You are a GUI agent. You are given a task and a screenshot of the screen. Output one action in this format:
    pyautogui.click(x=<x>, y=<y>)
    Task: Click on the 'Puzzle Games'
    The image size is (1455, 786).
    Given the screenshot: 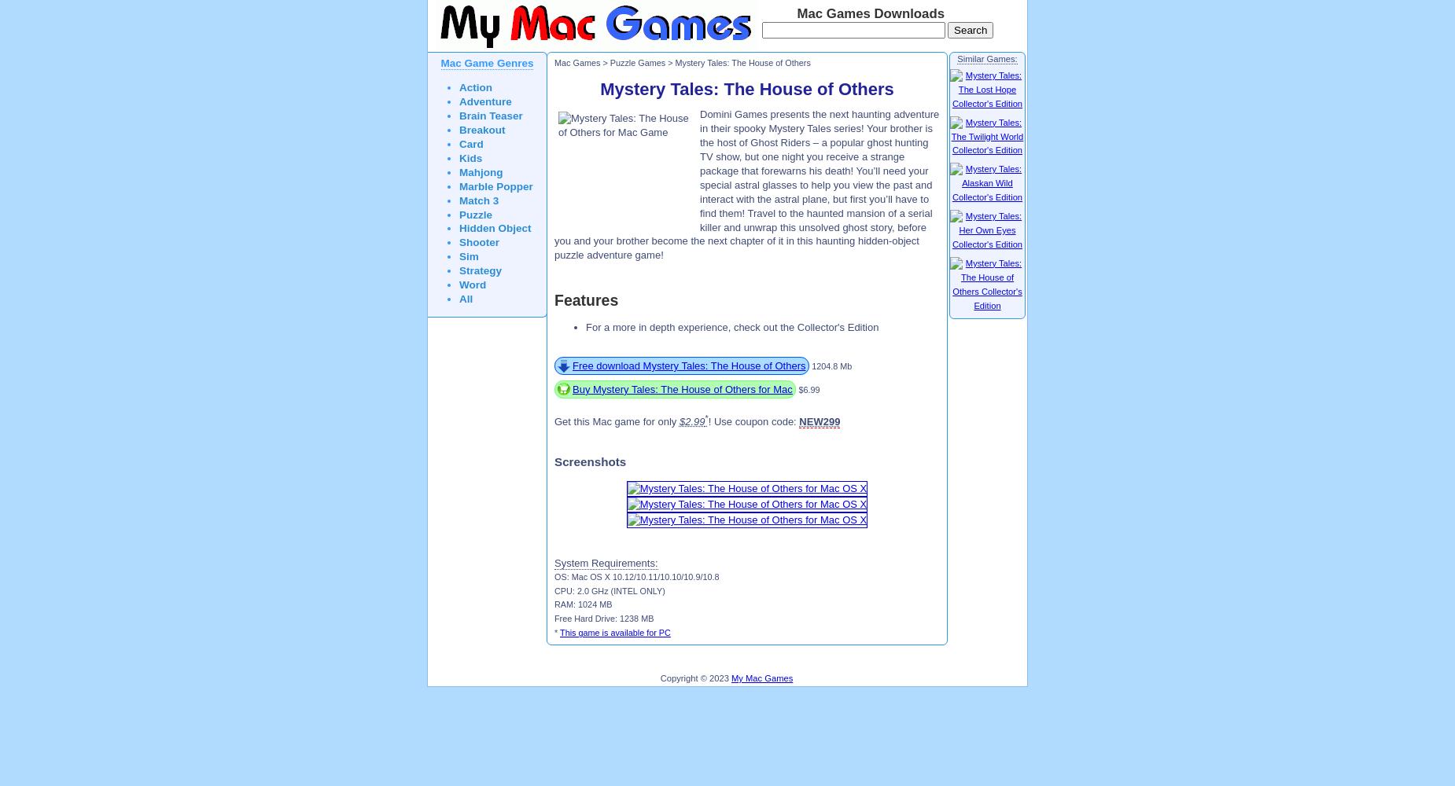 What is the action you would take?
    pyautogui.click(x=637, y=62)
    